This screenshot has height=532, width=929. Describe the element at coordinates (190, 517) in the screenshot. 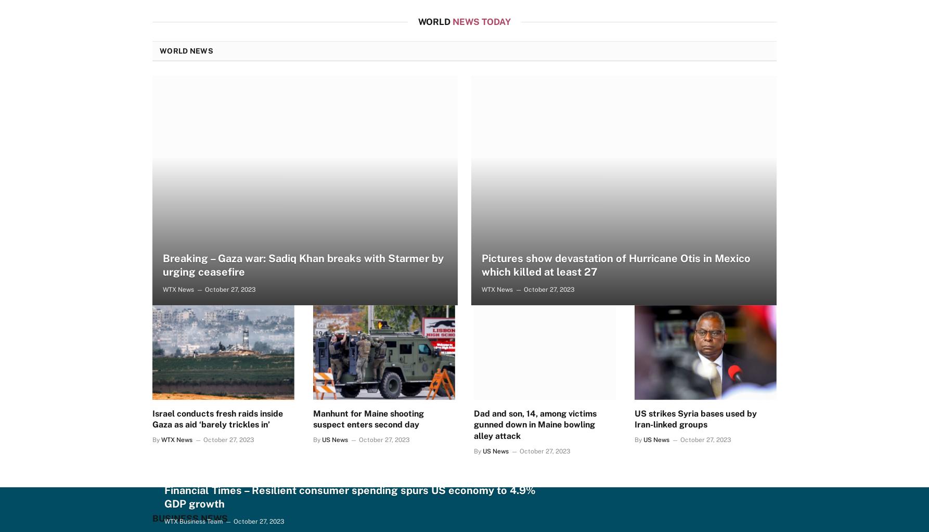

I see `'Business News'` at that location.